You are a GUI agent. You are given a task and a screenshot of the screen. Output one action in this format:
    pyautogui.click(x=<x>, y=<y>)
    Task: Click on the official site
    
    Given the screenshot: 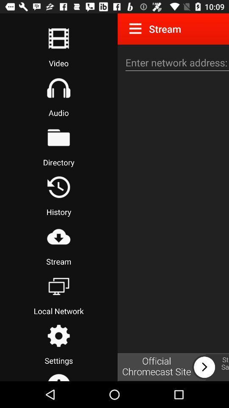 What is the action you would take?
    pyautogui.click(x=173, y=367)
    